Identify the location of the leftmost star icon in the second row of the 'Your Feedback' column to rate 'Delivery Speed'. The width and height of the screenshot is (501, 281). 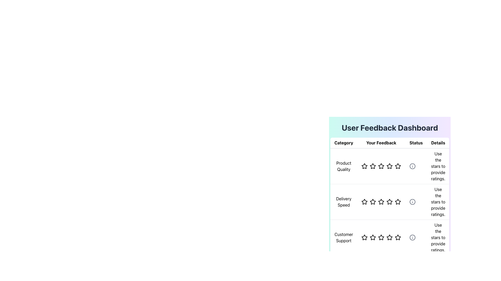
(364, 201).